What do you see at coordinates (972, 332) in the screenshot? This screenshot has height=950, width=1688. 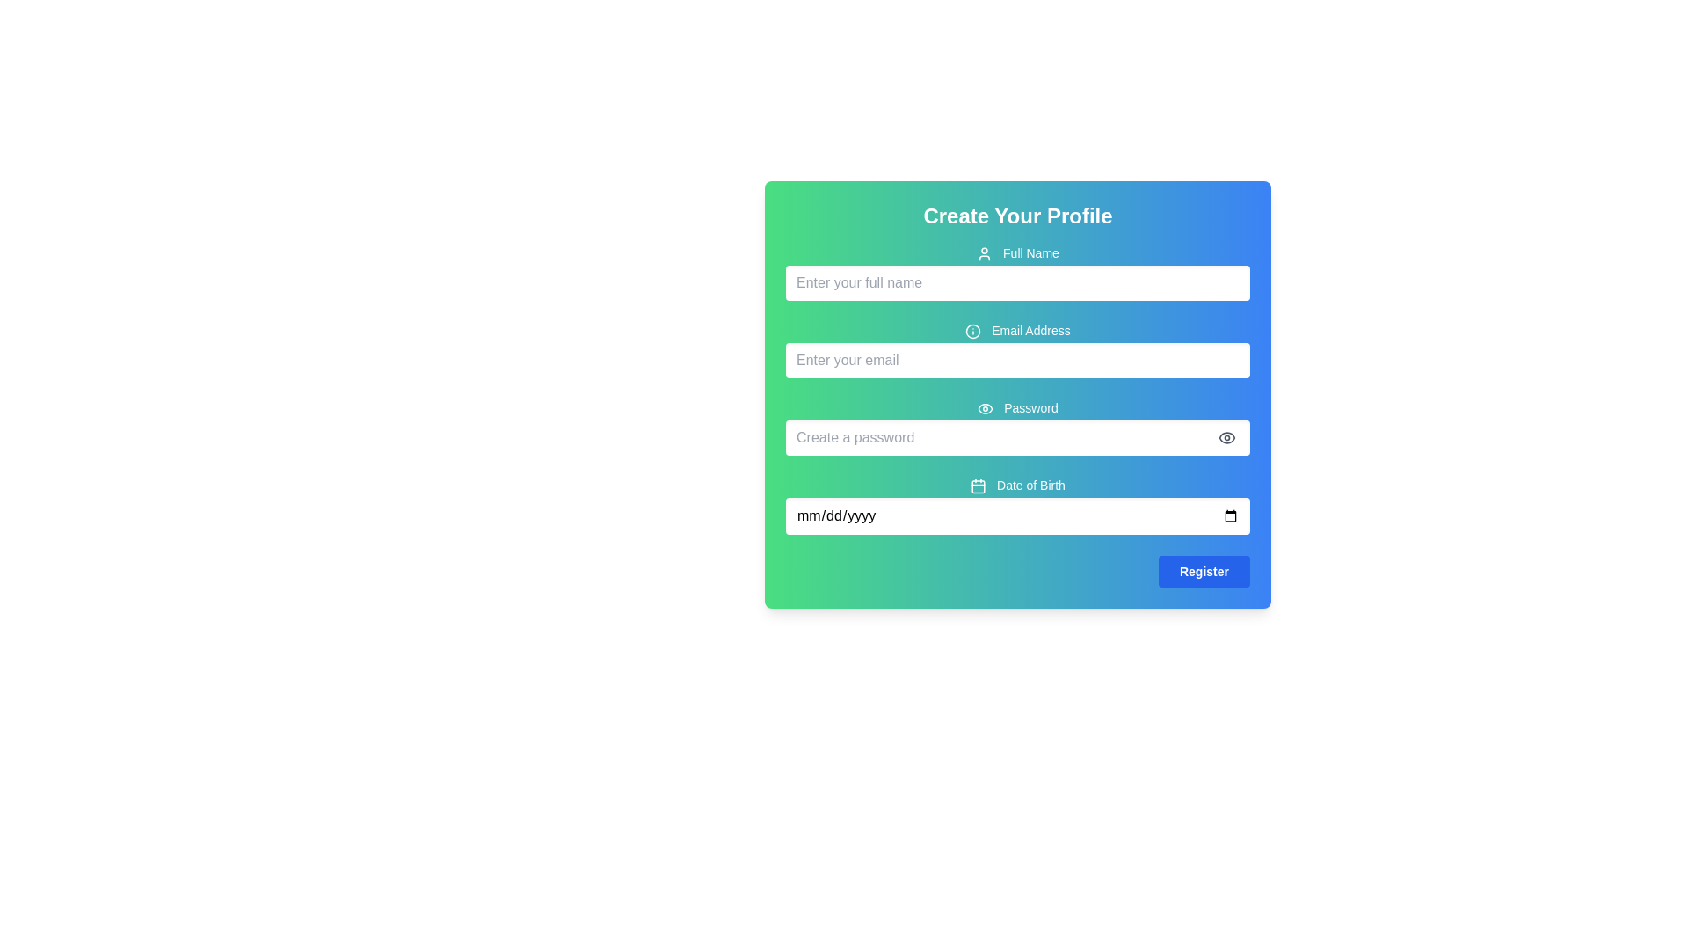 I see `the informational icon located to the left of the 'Email Address' label` at bounding box center [972, 332].